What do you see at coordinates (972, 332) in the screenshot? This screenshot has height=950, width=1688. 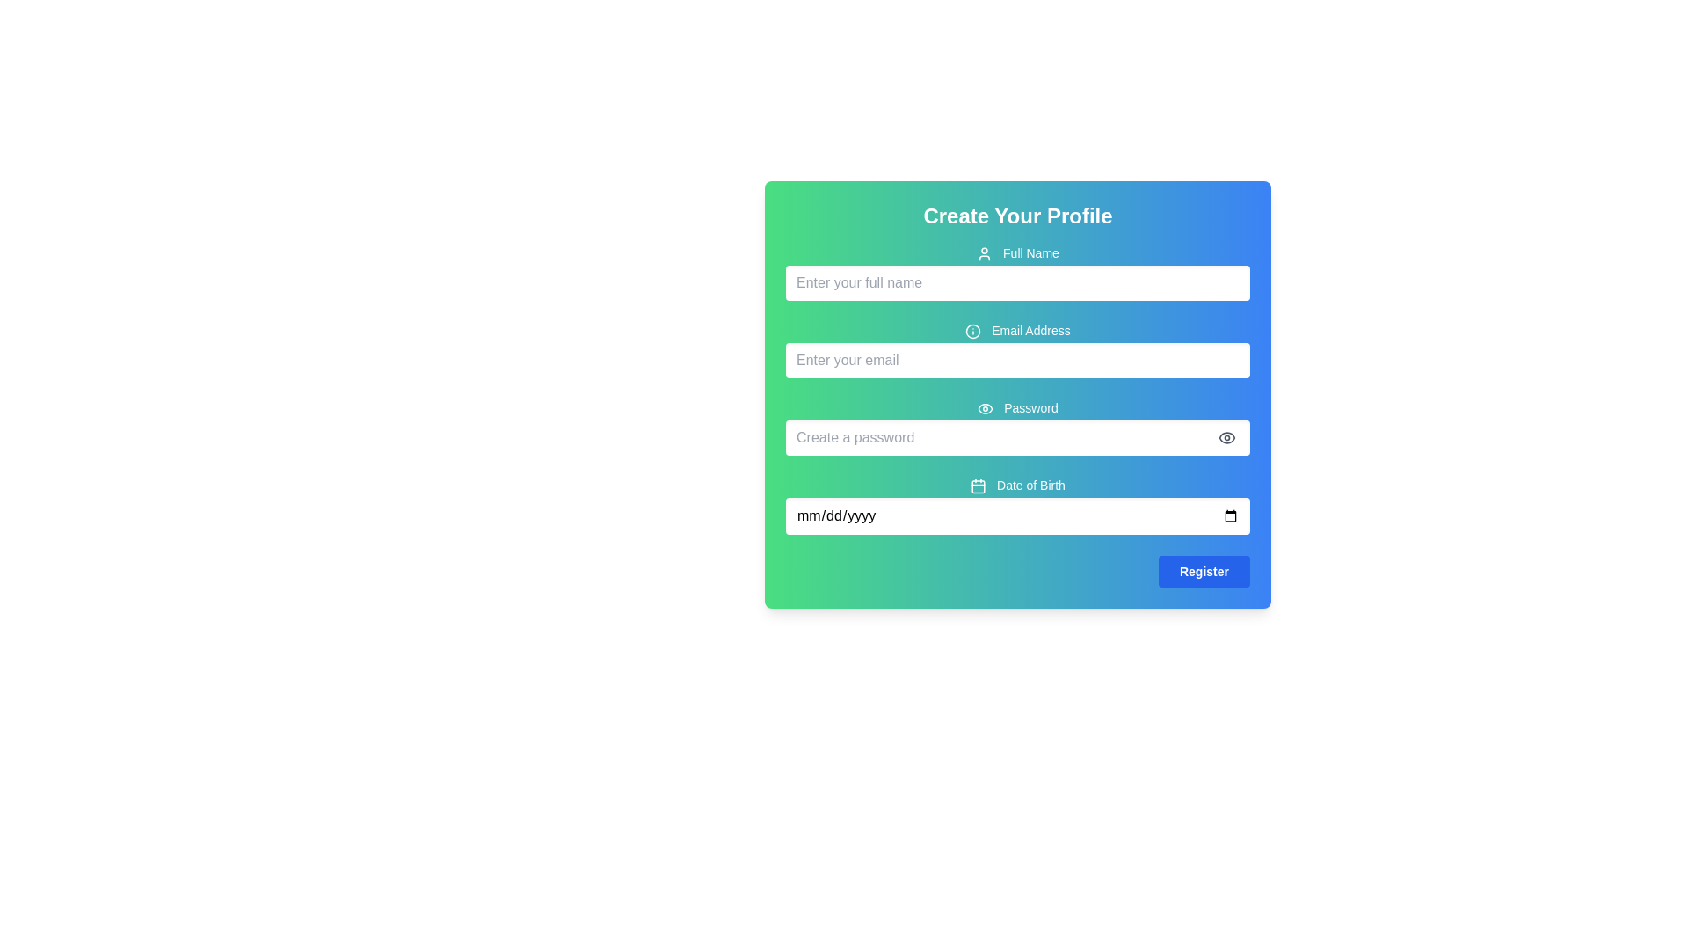 I see `the informational icon located to the left of the 'Email Address' label` at bounding box center [972, 332].